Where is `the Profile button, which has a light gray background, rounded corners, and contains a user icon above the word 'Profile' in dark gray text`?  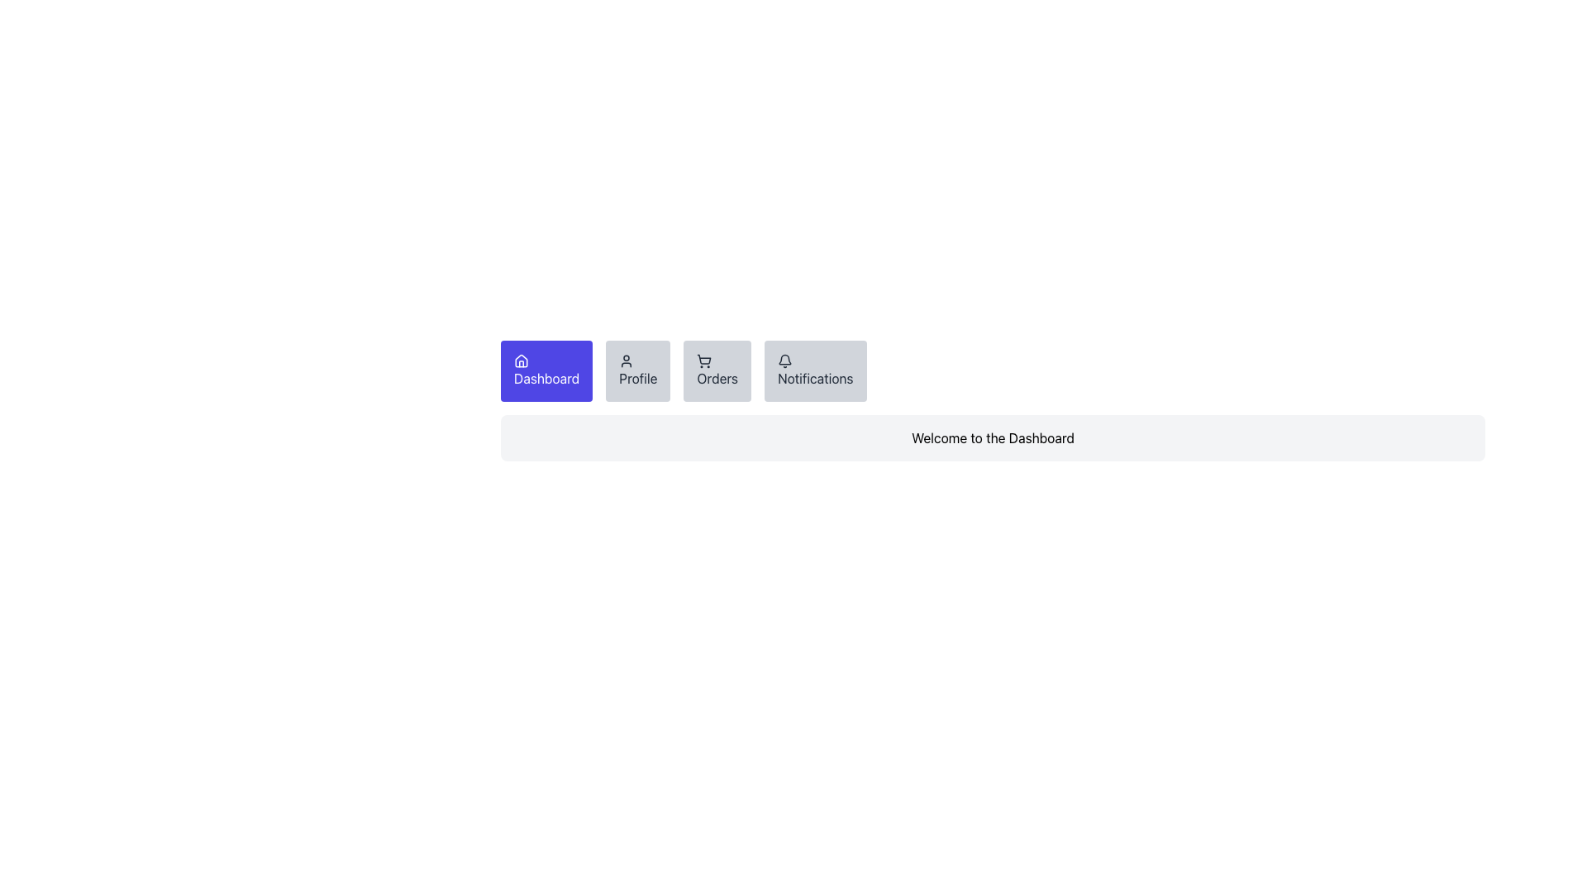
the Profile button, which has a light gray background, rounded corners, and contains a user icon above the word 'Profile' in dark gray text is located at coordinates (637, 370).